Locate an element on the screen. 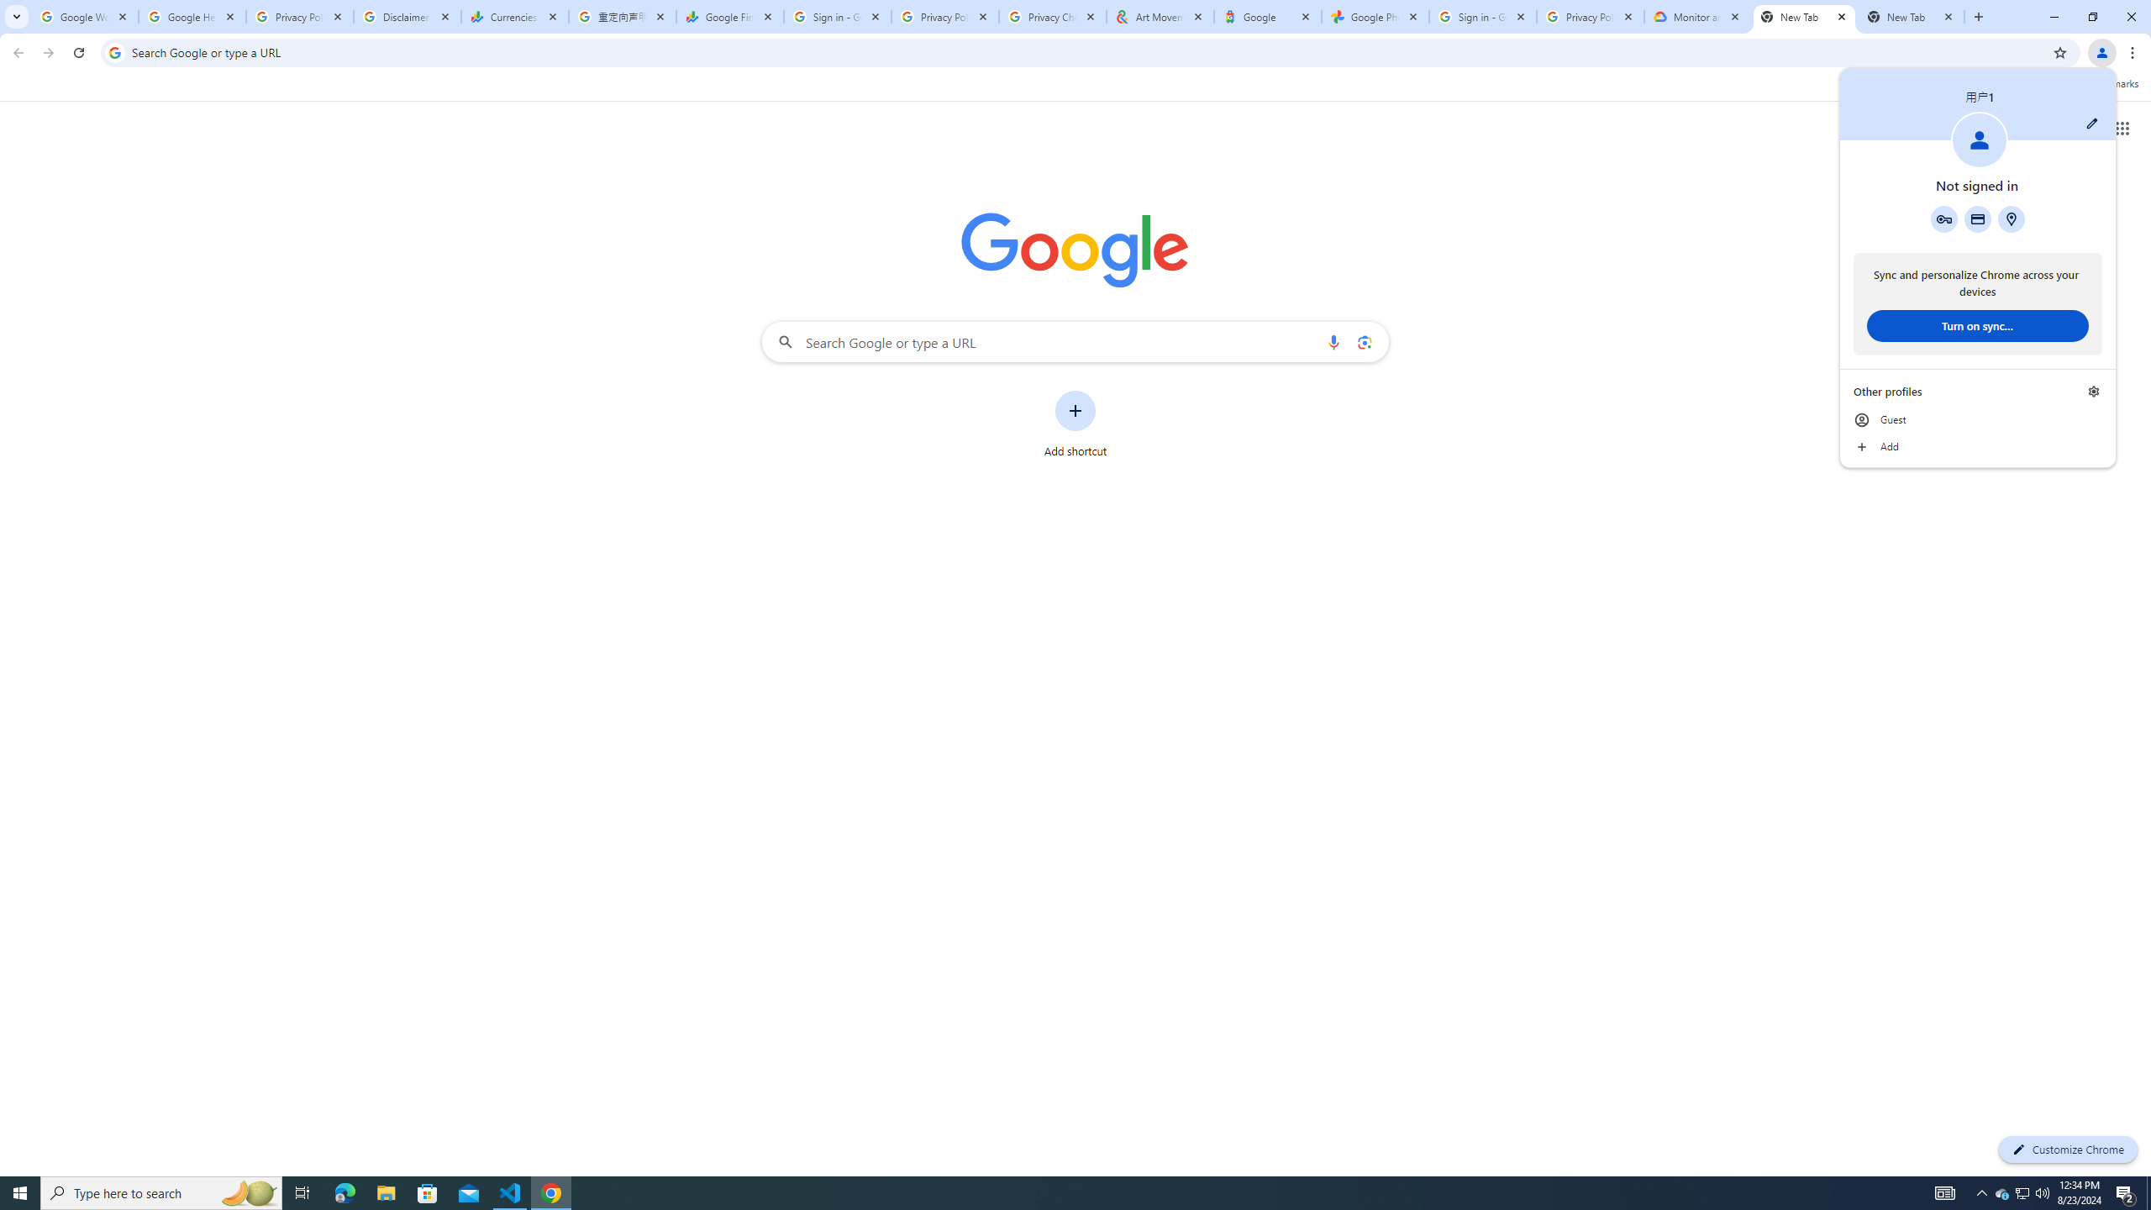 This screenshot has width=2151, height=1210. 'Guest' is located at coordinates (1976, 418).